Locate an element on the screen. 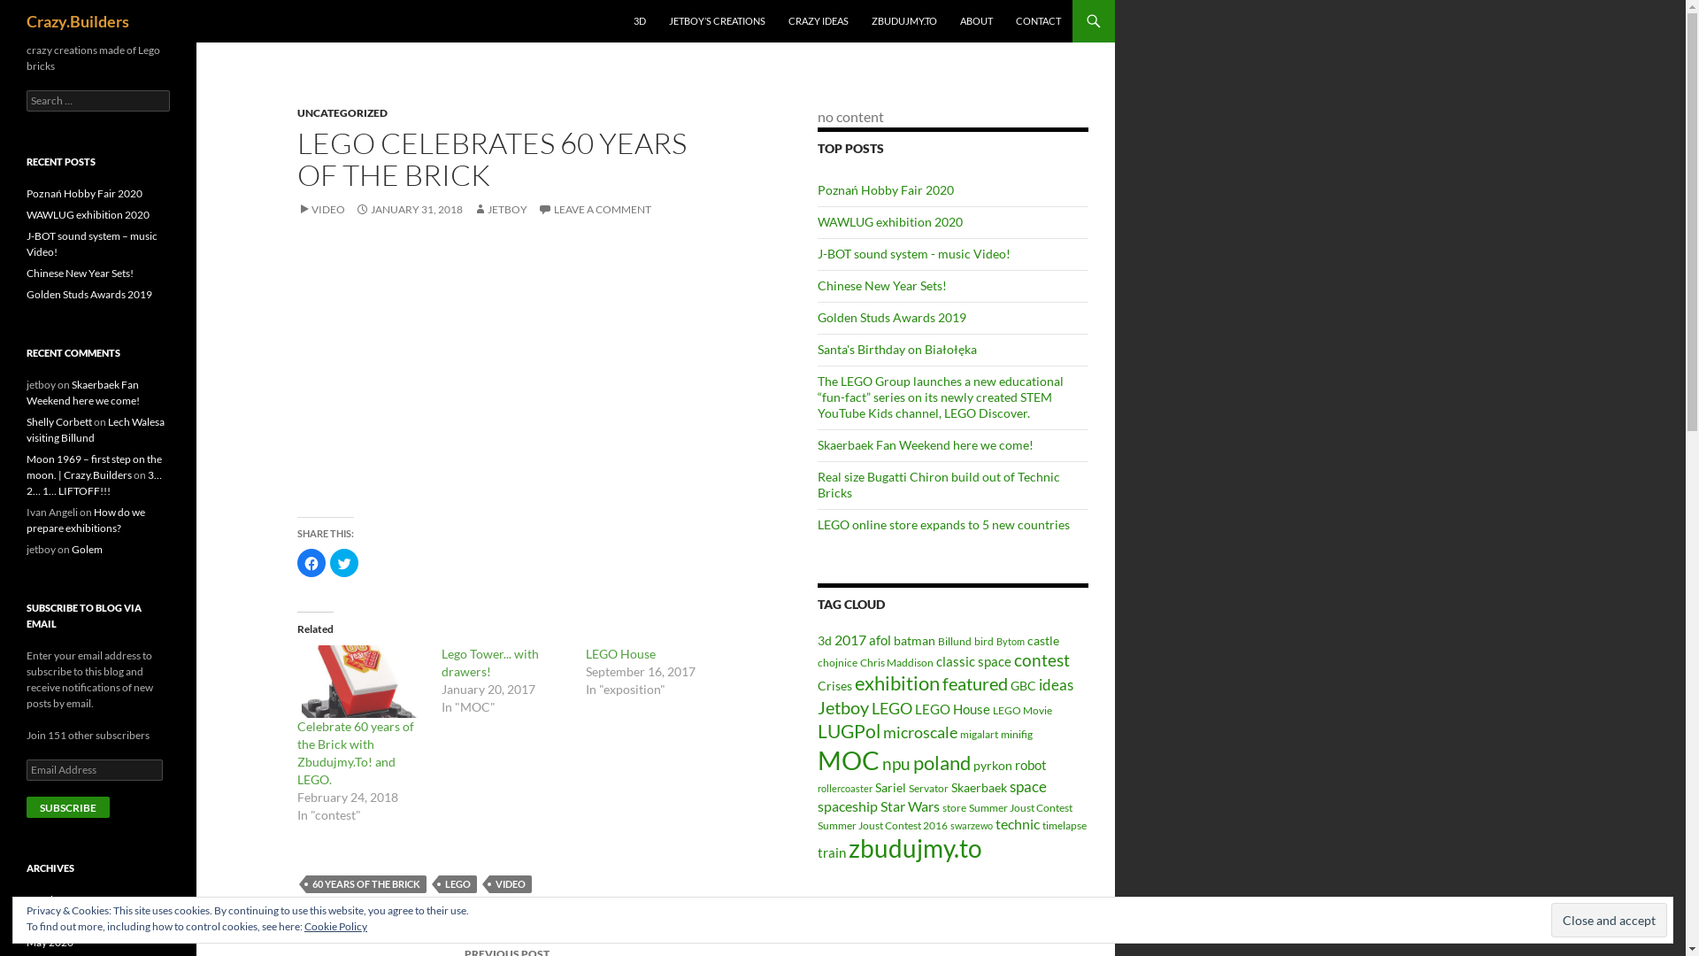 This screenshot has width=1699, height=956. 'zbudujmy.to' is located at coordinates (915, 847).